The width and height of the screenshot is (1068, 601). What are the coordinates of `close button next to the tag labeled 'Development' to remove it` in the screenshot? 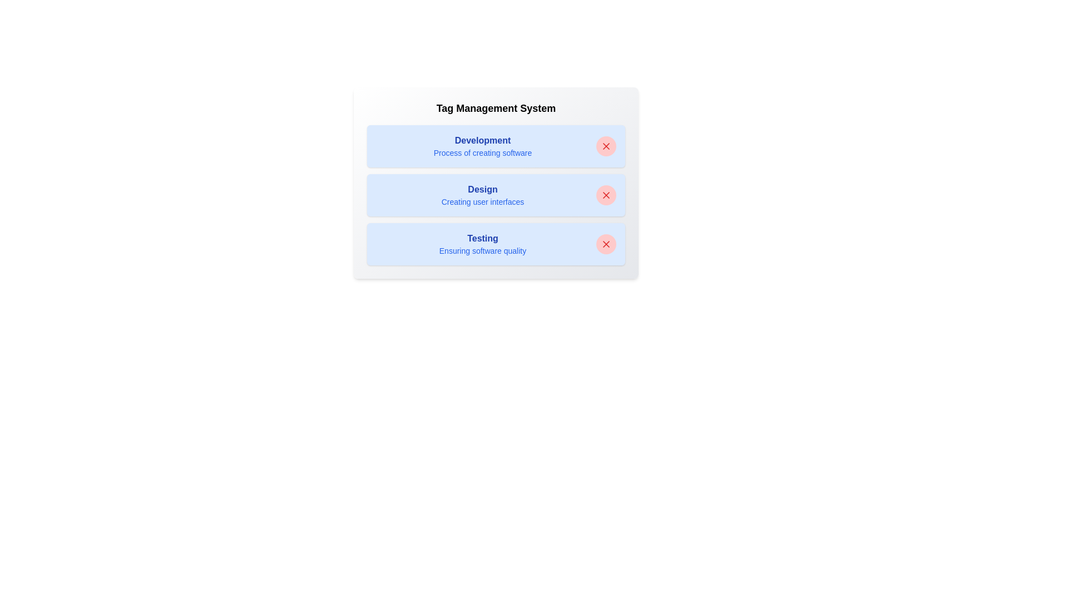 It's located at (605, 145).